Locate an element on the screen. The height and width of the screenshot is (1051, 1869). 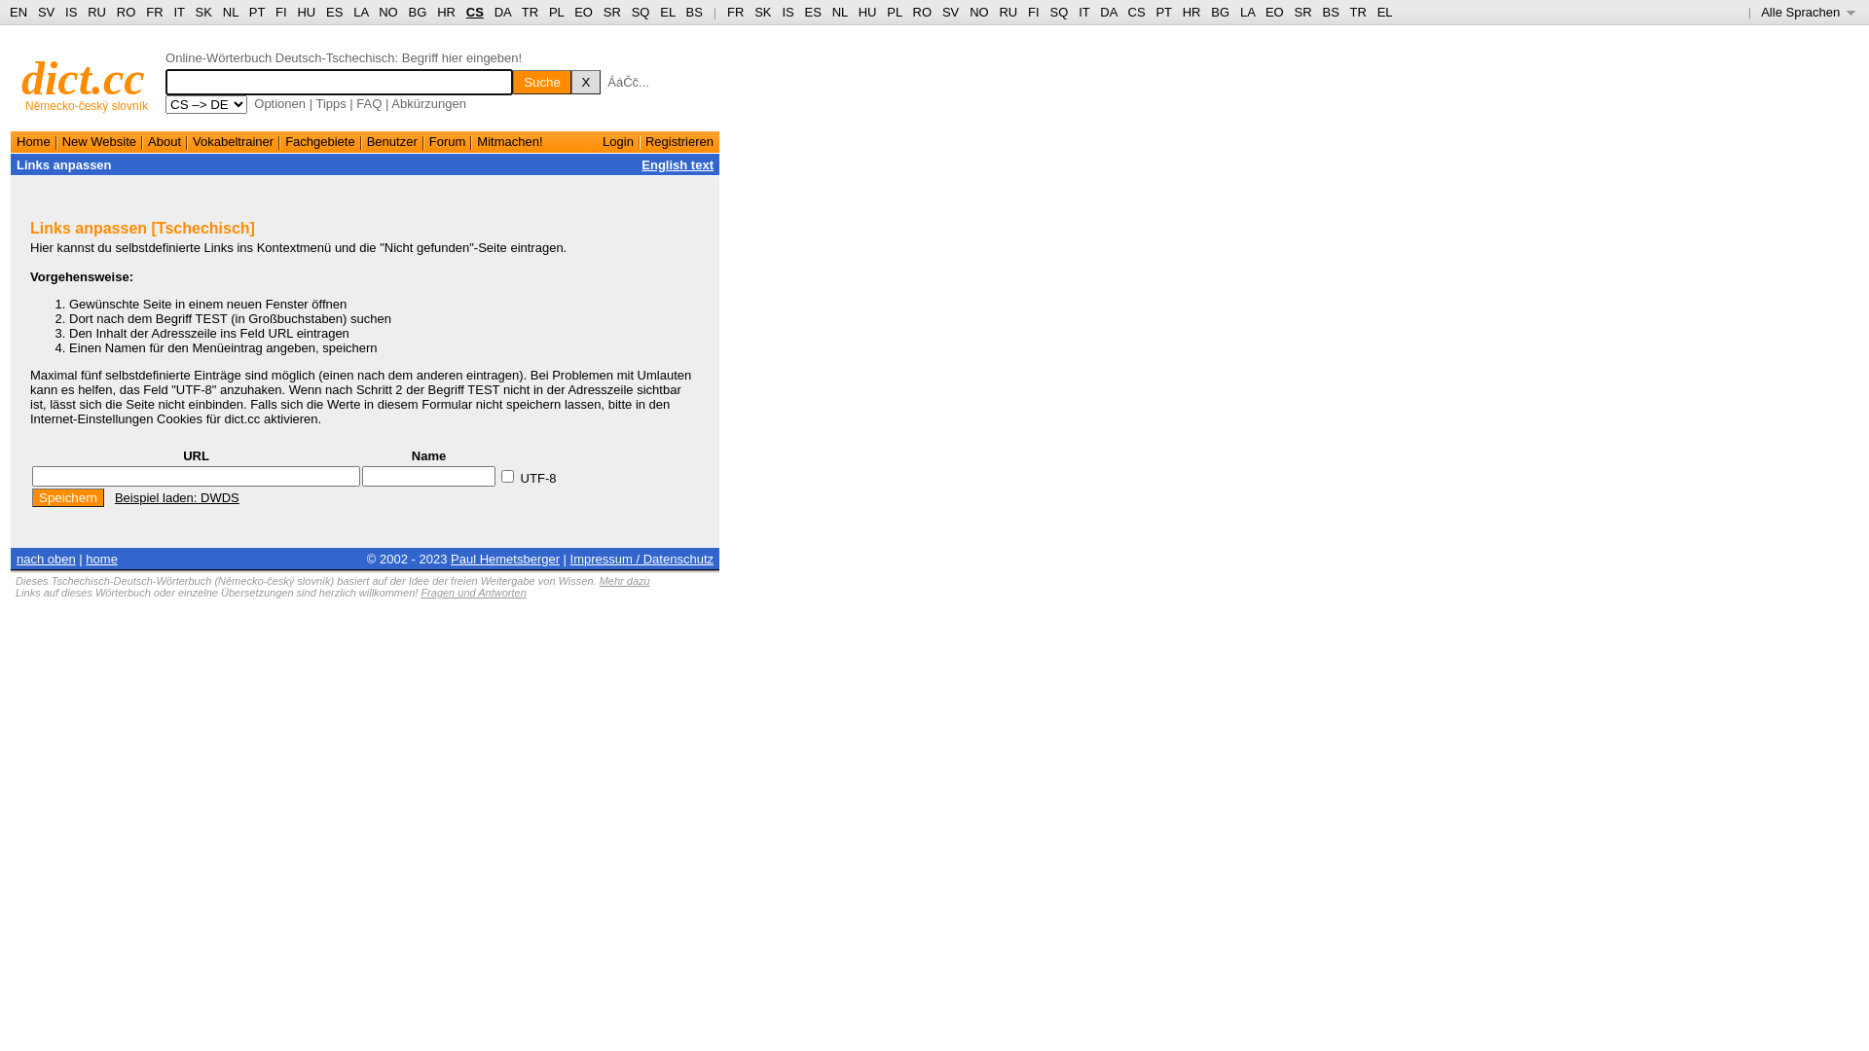
'SK' is located at coordinates (761, 12).